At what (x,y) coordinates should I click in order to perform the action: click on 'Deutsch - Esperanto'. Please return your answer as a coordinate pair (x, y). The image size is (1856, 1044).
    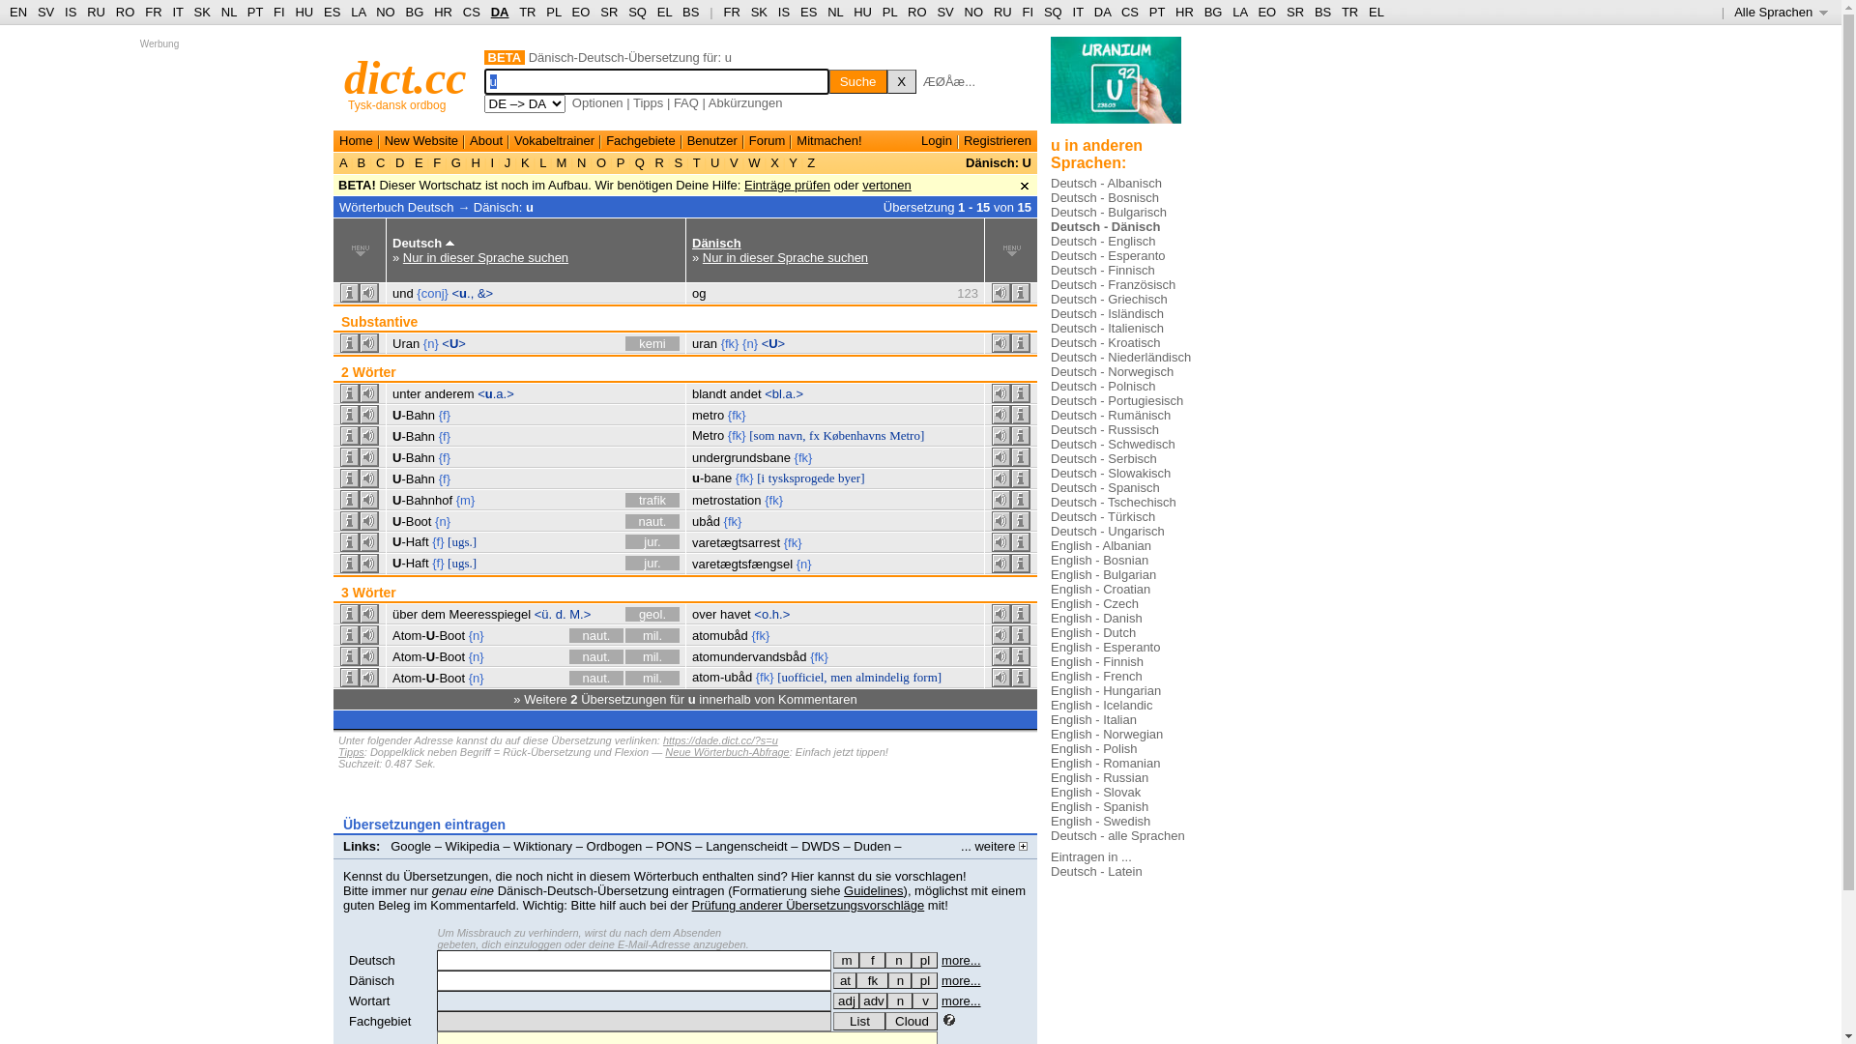
    Looking at the image, I should click on (1108, 254).